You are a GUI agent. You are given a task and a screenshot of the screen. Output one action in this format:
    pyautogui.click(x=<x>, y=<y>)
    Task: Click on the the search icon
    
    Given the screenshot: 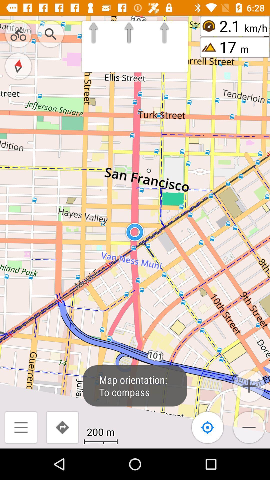 What is the action you would take?
    pyautogui.click(x=50, y=34)
    